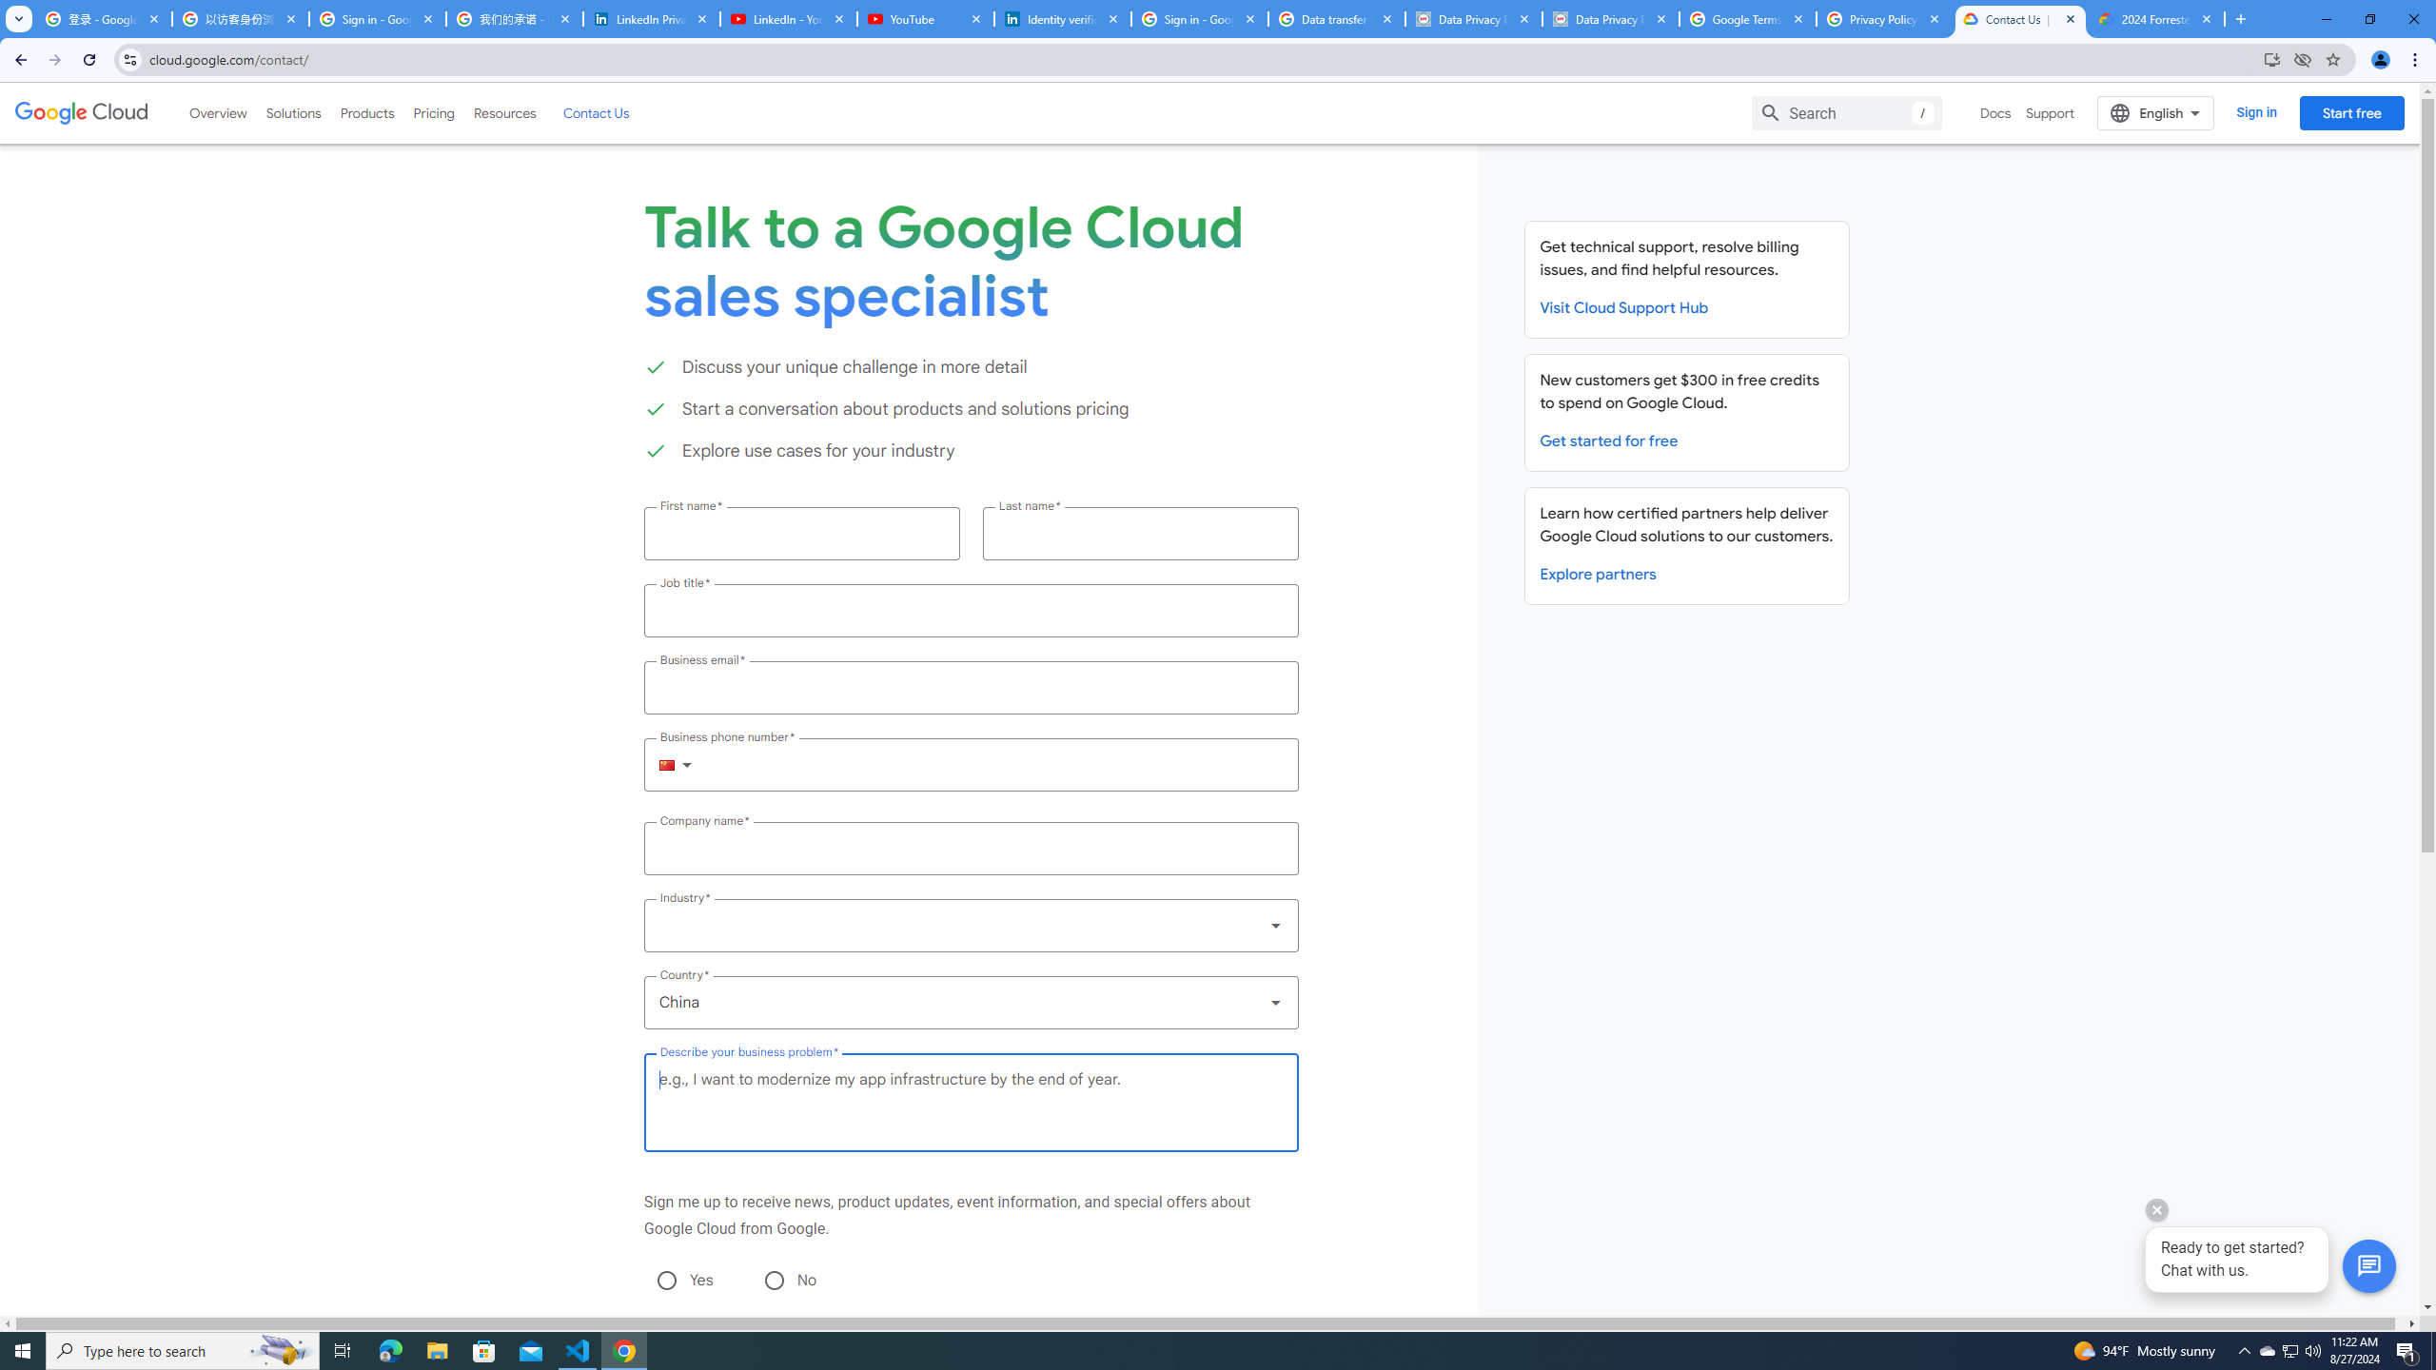  What do you see at coordinates (292, 112) in the screenshot?
I see `'Solutions'` at bounding box center [292, 112].